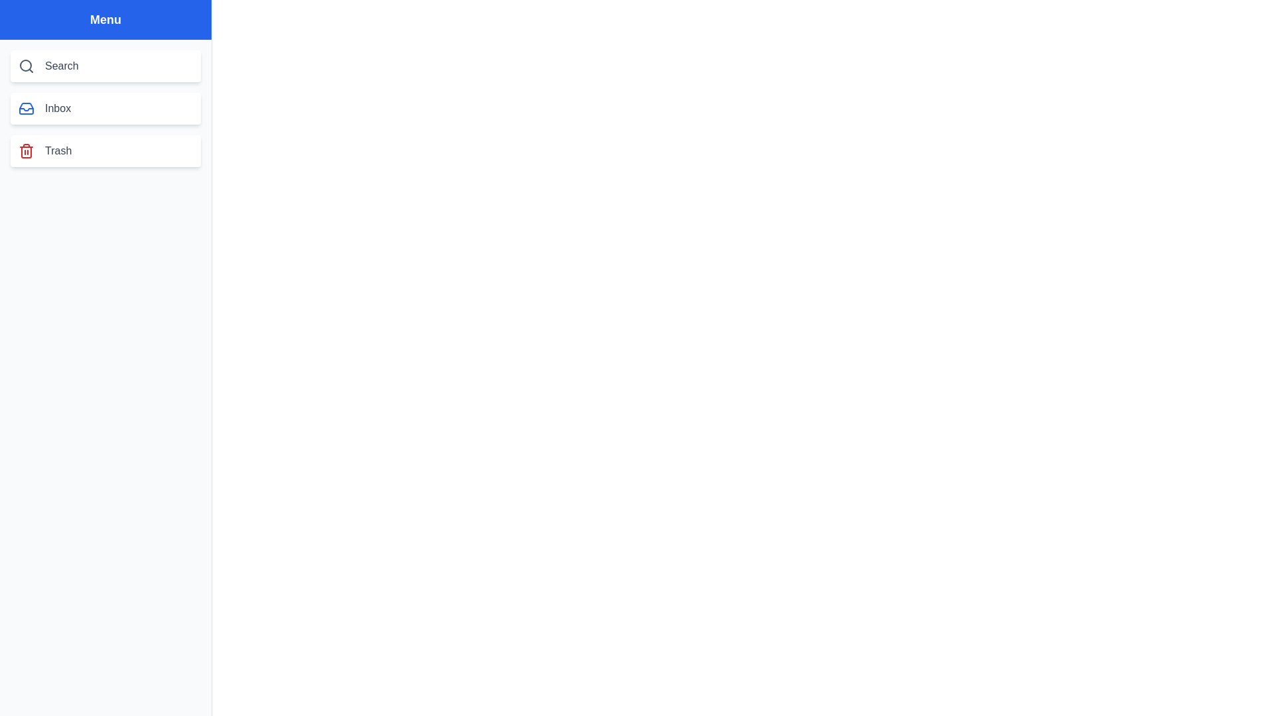 This screenshot has height=716, width=1273. What do you see at coordinates (105, 108) in the screenshot?
I see `the menu item Inbox by clicking on it` at bounding box center [105, 108].